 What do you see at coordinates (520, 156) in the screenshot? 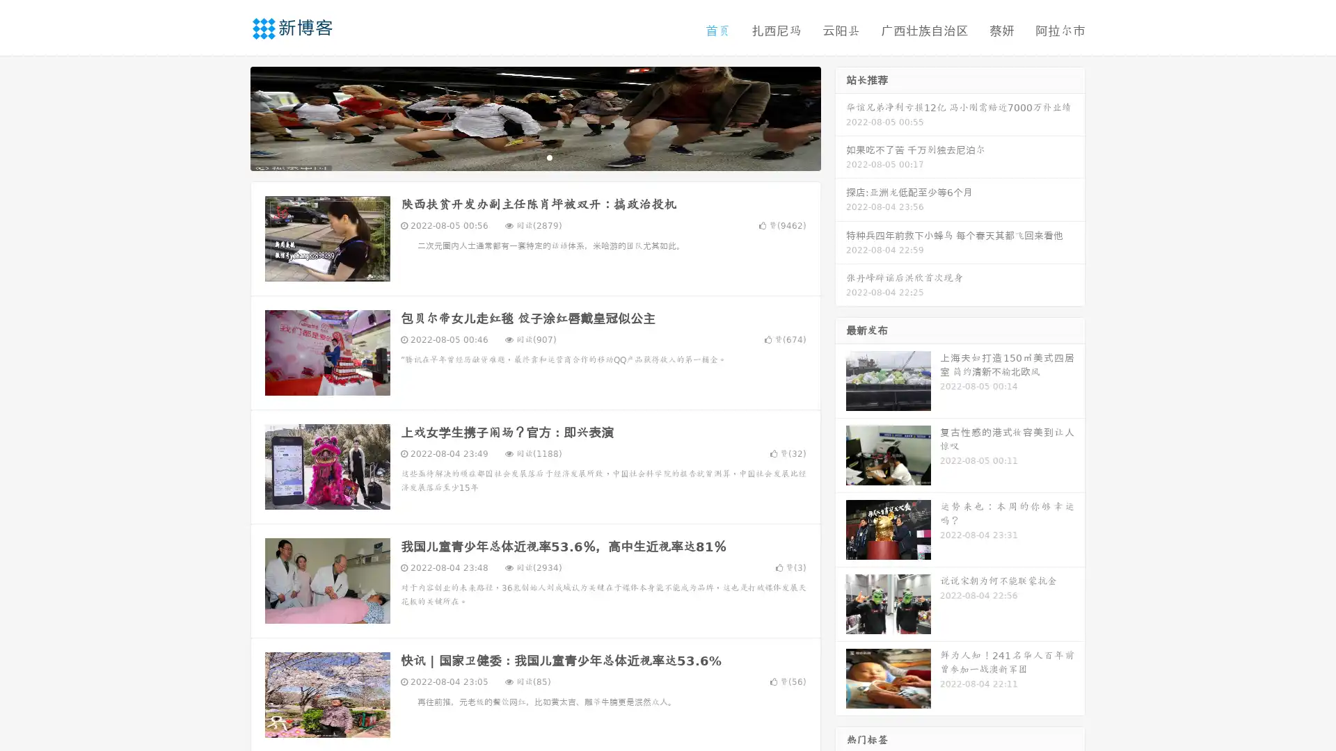
I see `Go to slide 1` at bounding box center [520, 156].